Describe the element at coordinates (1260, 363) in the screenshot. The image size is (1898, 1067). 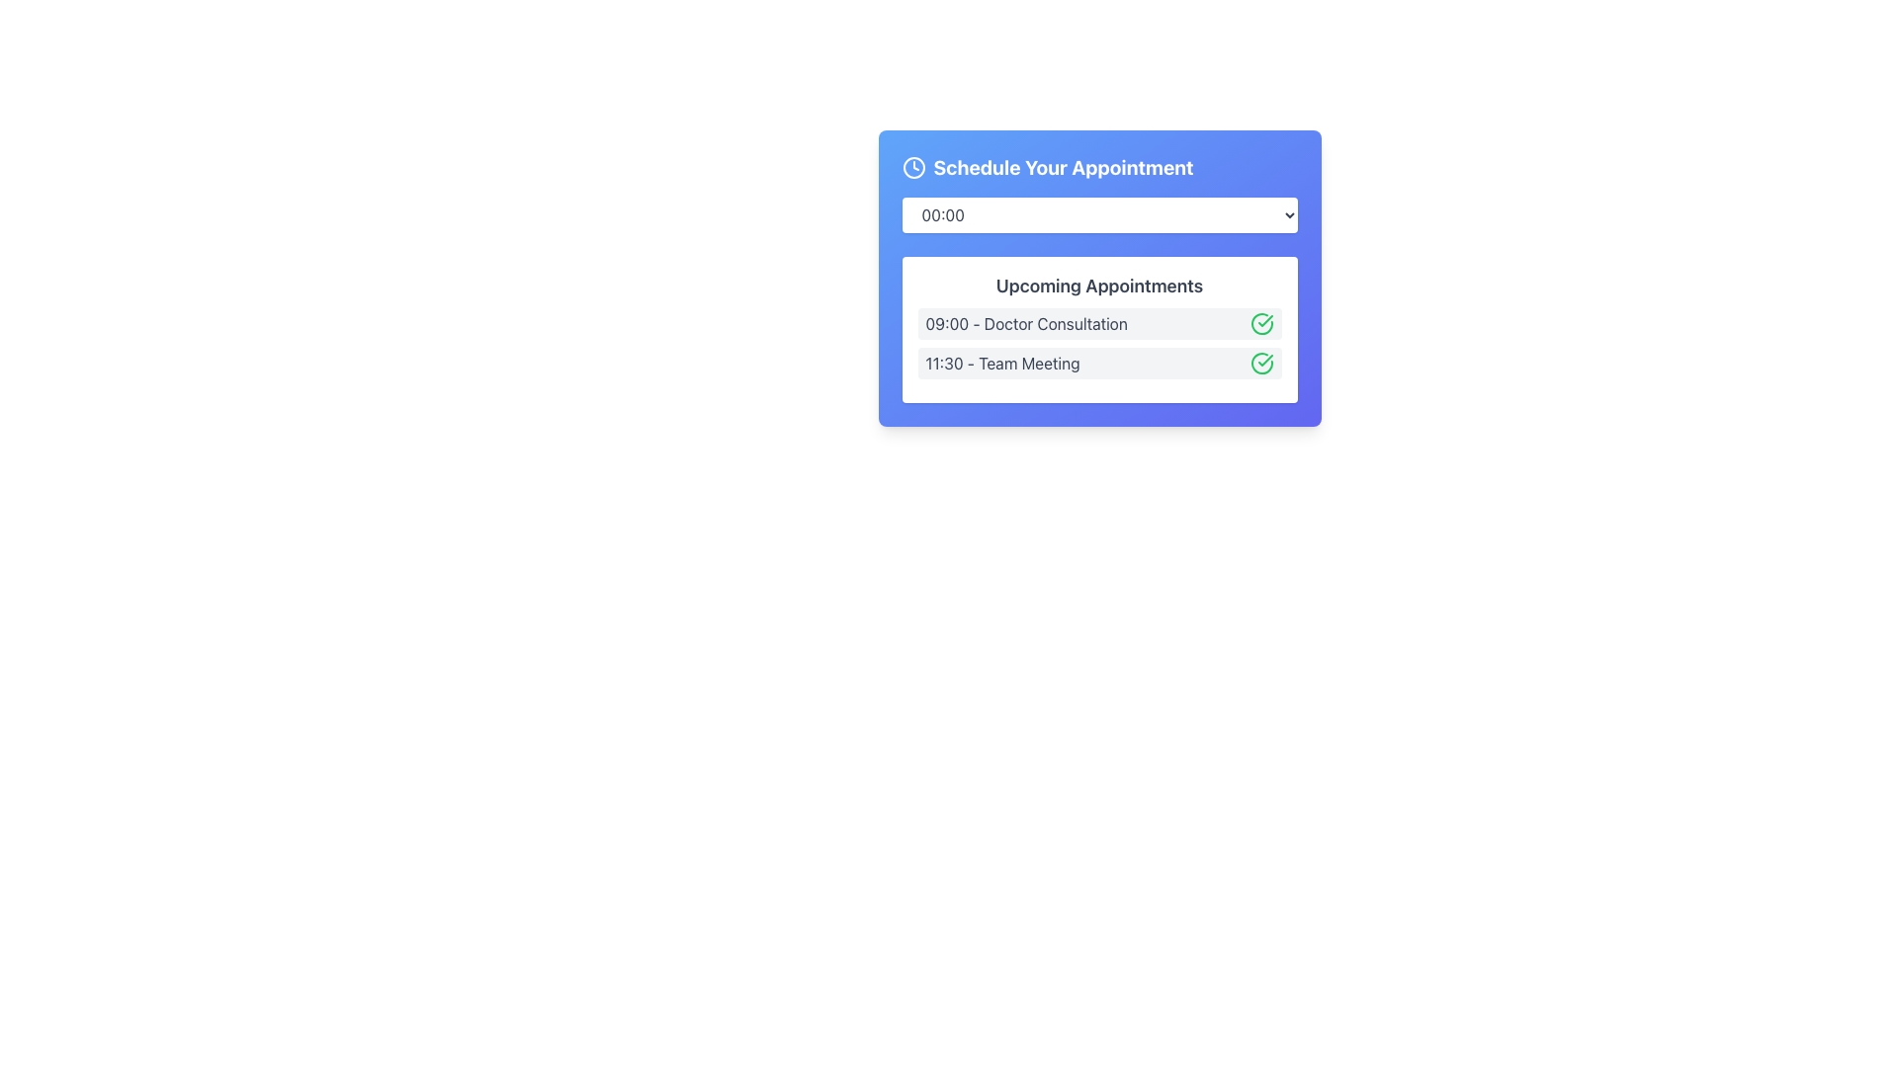
I see `the green circular icon with a check mark, located in the second row of the appointment list, to the right of '09:00 - Doctor Consultation.'` at that location.